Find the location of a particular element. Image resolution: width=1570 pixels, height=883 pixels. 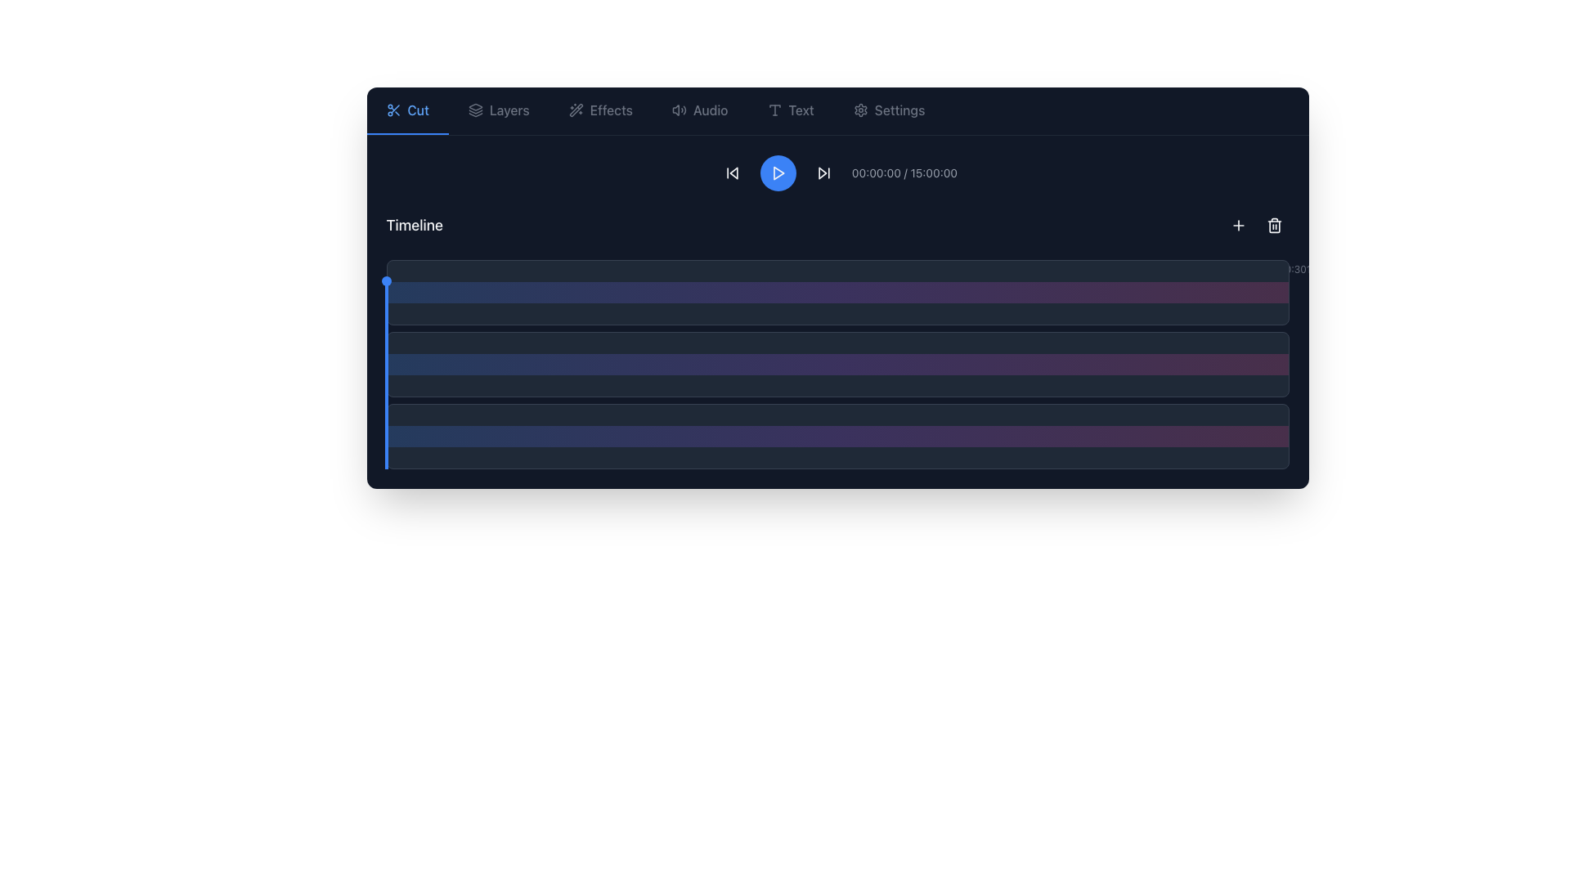

the text label indicating the time '4:15' located at the eighteenth position in the timeline bar to determine its position is located at coordinates (758, 269).